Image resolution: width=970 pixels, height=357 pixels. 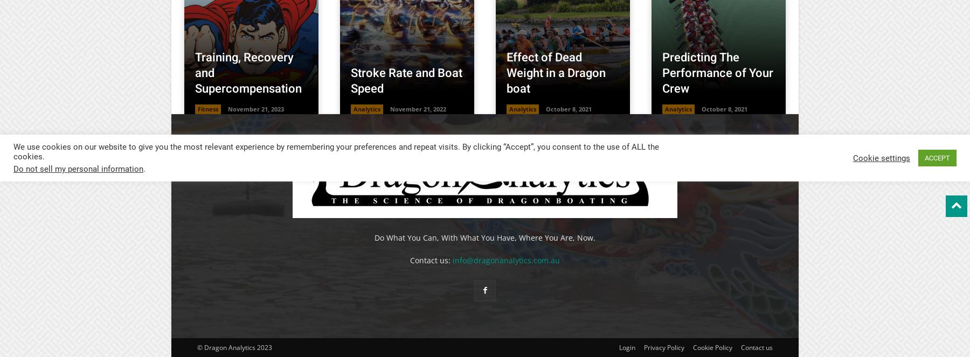 I want to click on 'ACCEPT', so click(x=924, y=157).